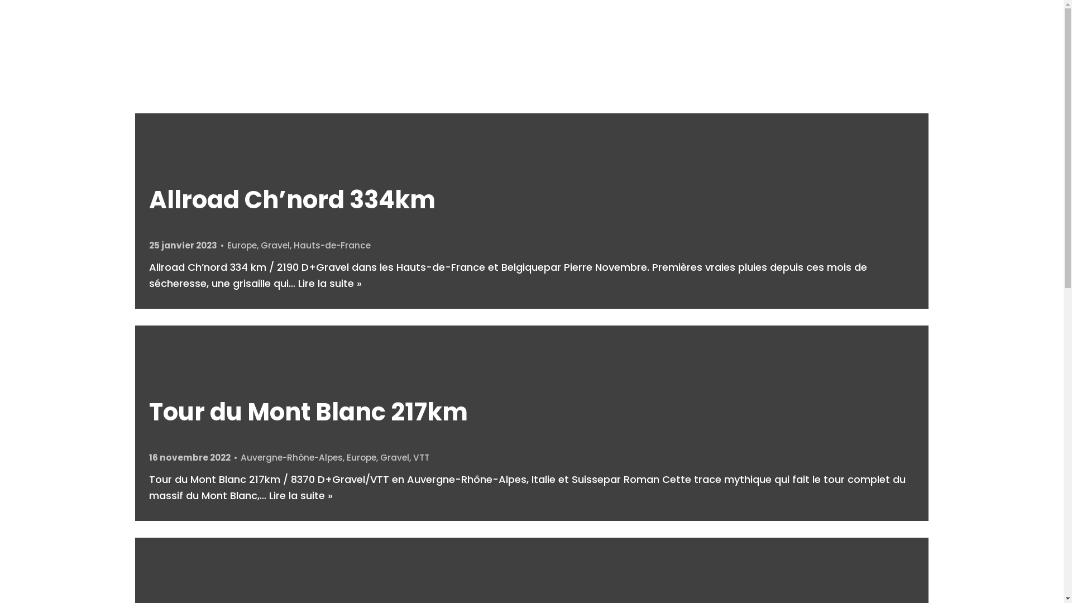 The height and width of the screenshot is (603, 1072). What do you see at coordinates (11, 6) in the screenshot?
I see `'Aller au contenu'` at bounding box center [11, 6].